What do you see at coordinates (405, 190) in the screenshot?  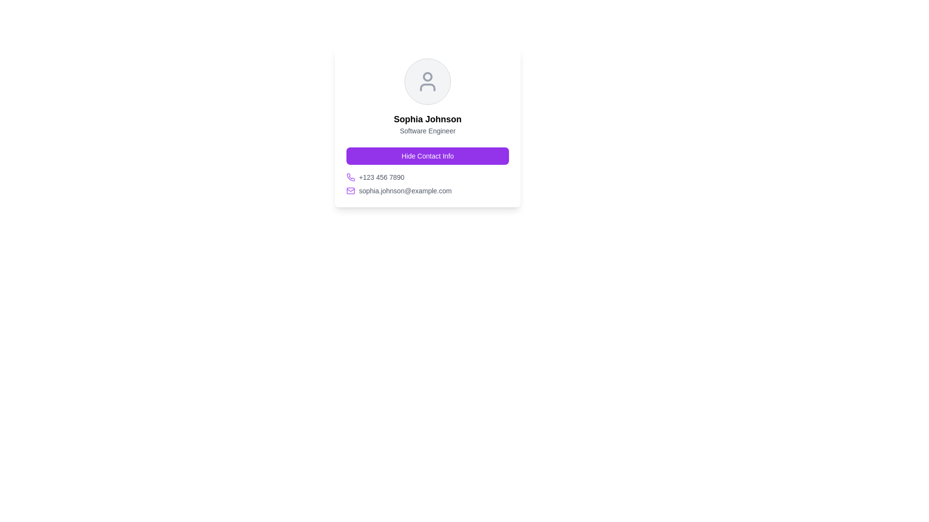 I see `the text label displaying 'sophia.johnson@example.com', which is styled in gray and located to the right of an envelope icon at the bottom of the card` at bounding box center [405, 190].